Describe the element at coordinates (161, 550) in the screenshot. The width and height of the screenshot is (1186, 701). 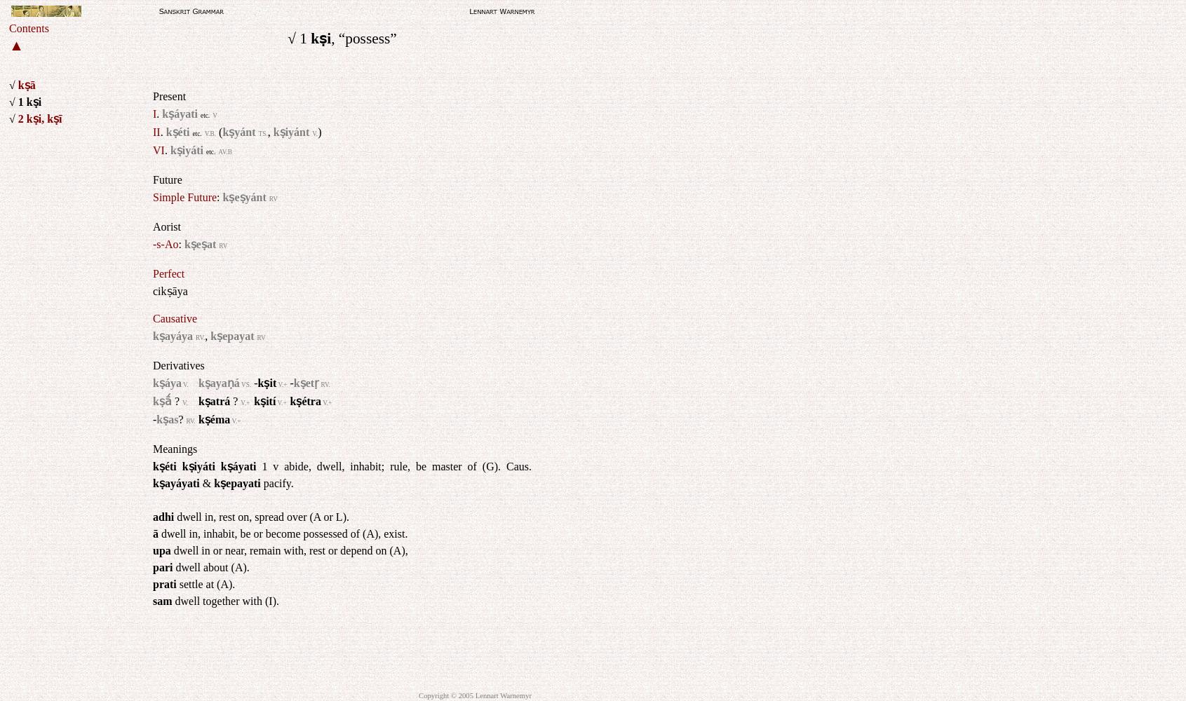
I see `'upa'` at that location.